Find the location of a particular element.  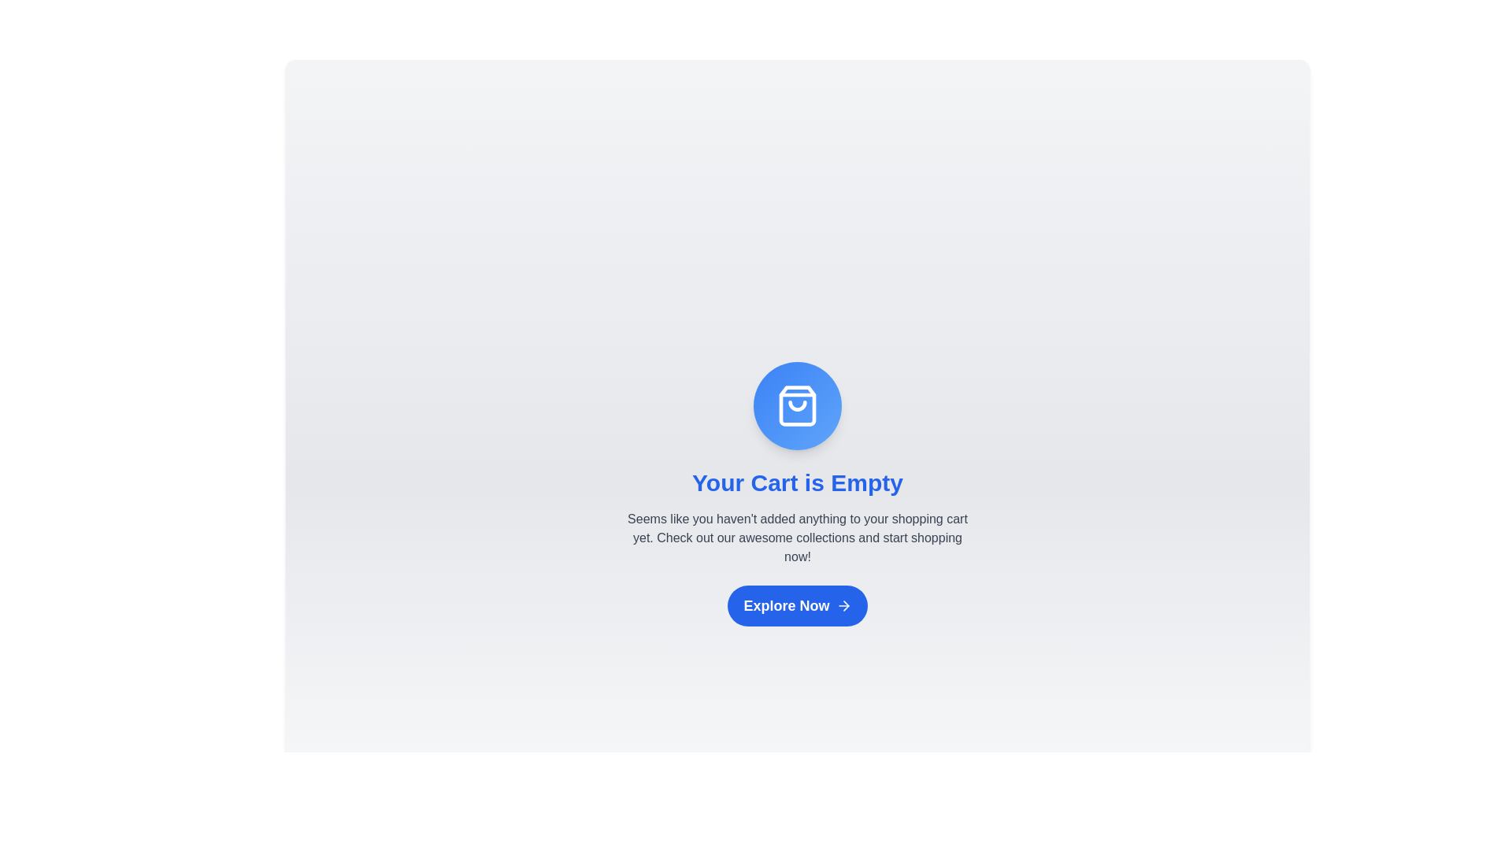

the button located under the heading 'Your Cart is Empty' is located at coordinates (797, 605).